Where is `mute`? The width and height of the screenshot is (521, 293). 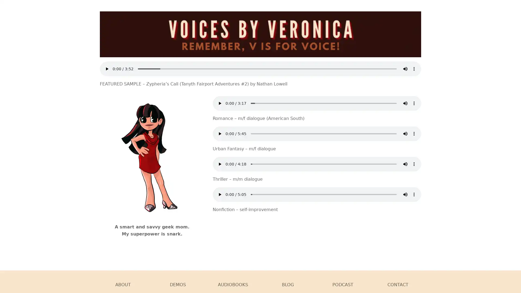
mute is located at coordinates (405, 194).